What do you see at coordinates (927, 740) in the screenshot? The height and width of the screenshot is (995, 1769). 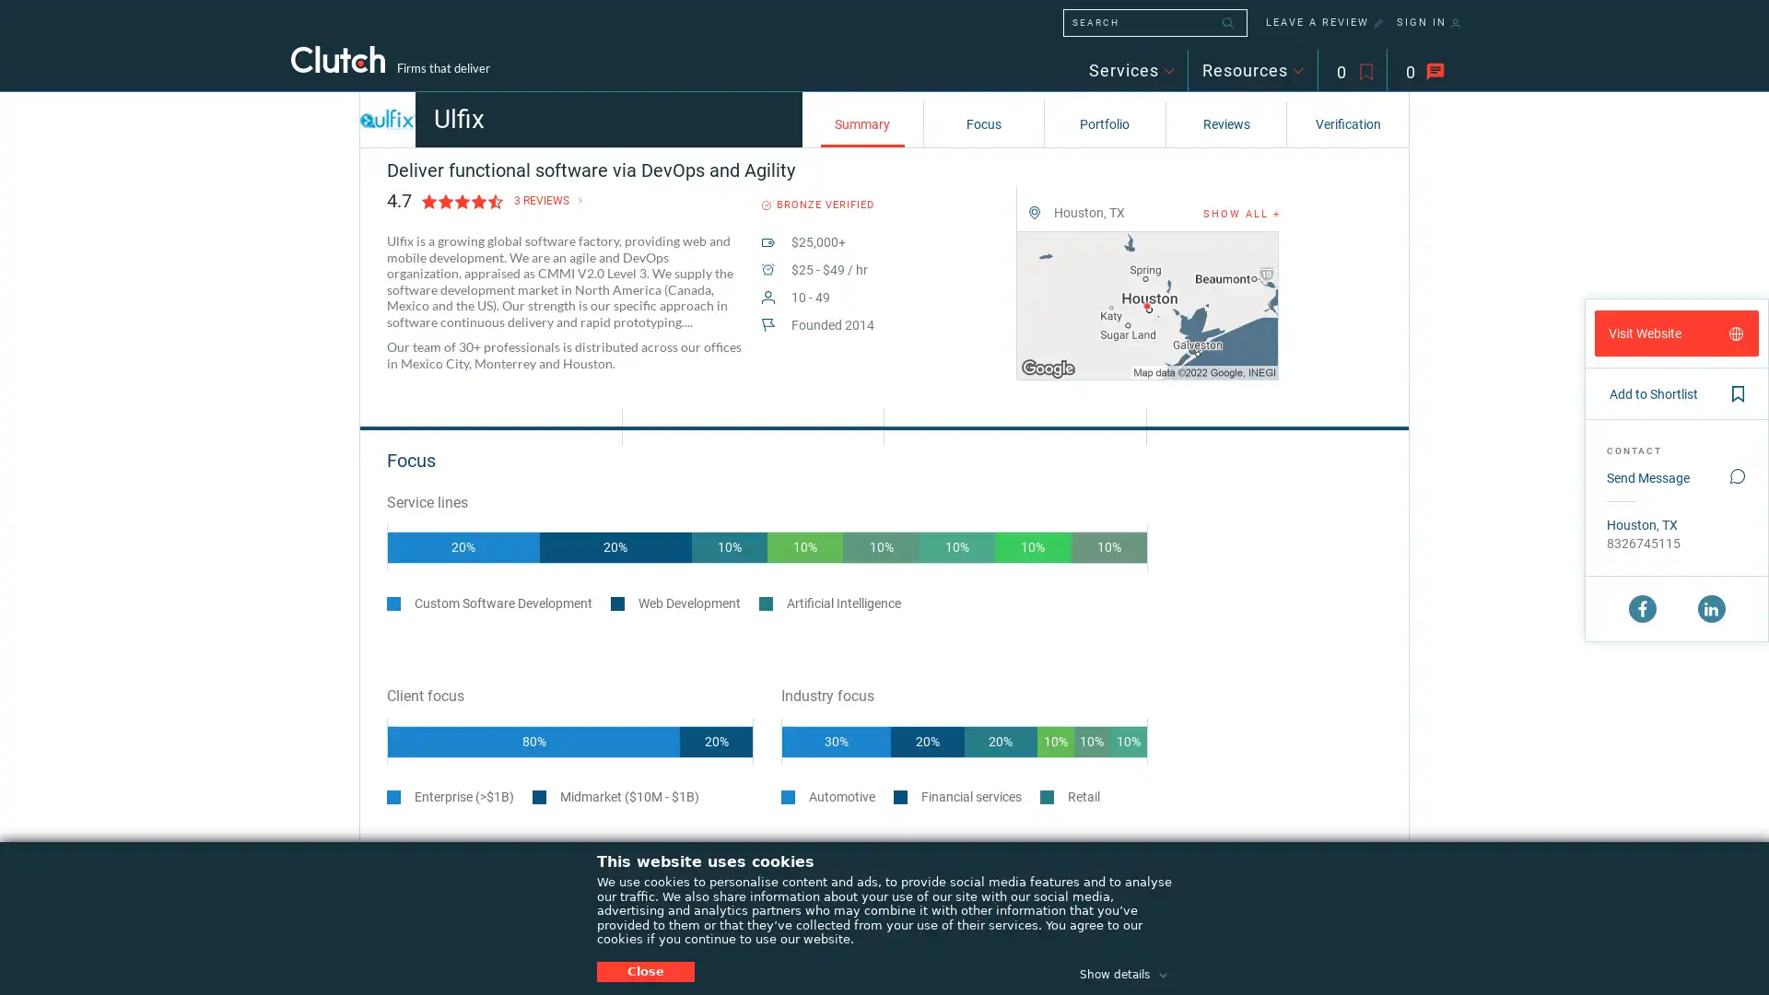 I see `20%` at bounding box center [927, 740].